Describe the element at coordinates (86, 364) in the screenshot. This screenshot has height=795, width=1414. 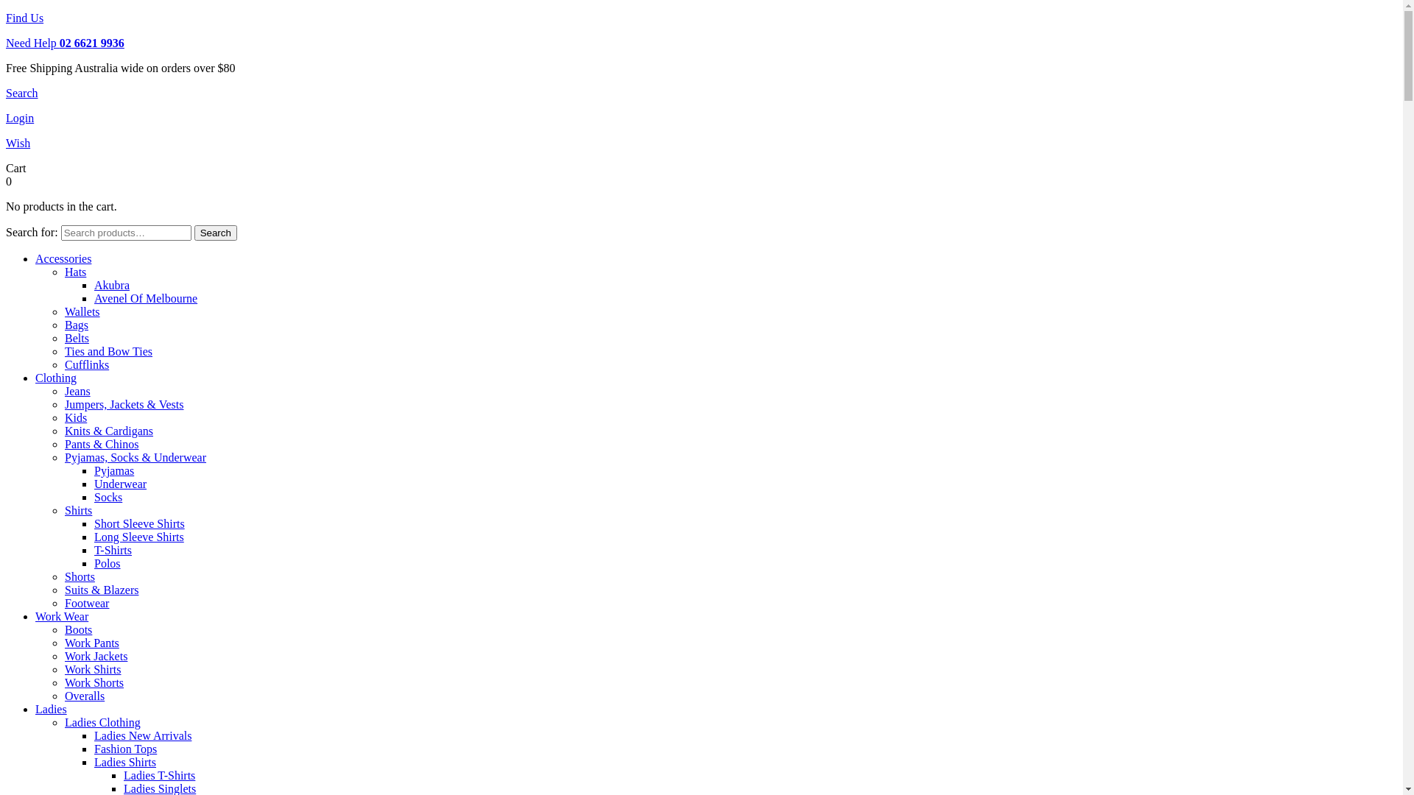
I see `'Cufflinks'` at that location.